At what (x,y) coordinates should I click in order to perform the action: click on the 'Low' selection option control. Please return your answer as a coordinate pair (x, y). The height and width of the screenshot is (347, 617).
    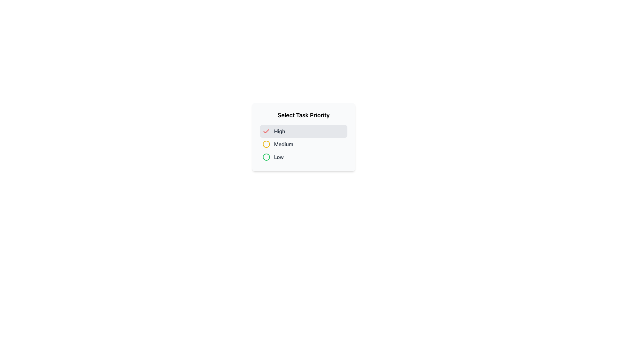
    Looking at the image, I should click on (303, 157).